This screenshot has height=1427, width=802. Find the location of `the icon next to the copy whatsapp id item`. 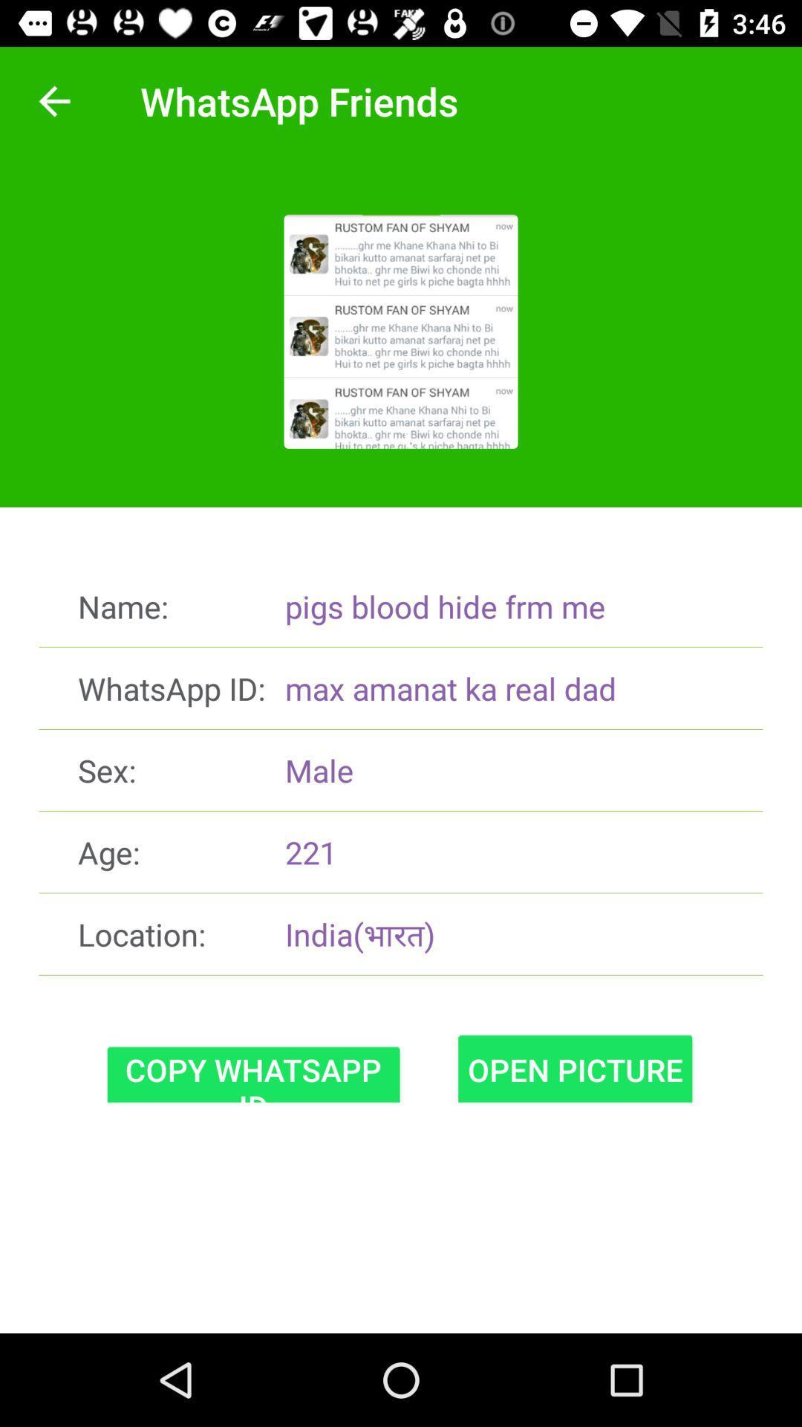

the icon next to the copy whatsapp id item is located at coordinates (574, 1067).